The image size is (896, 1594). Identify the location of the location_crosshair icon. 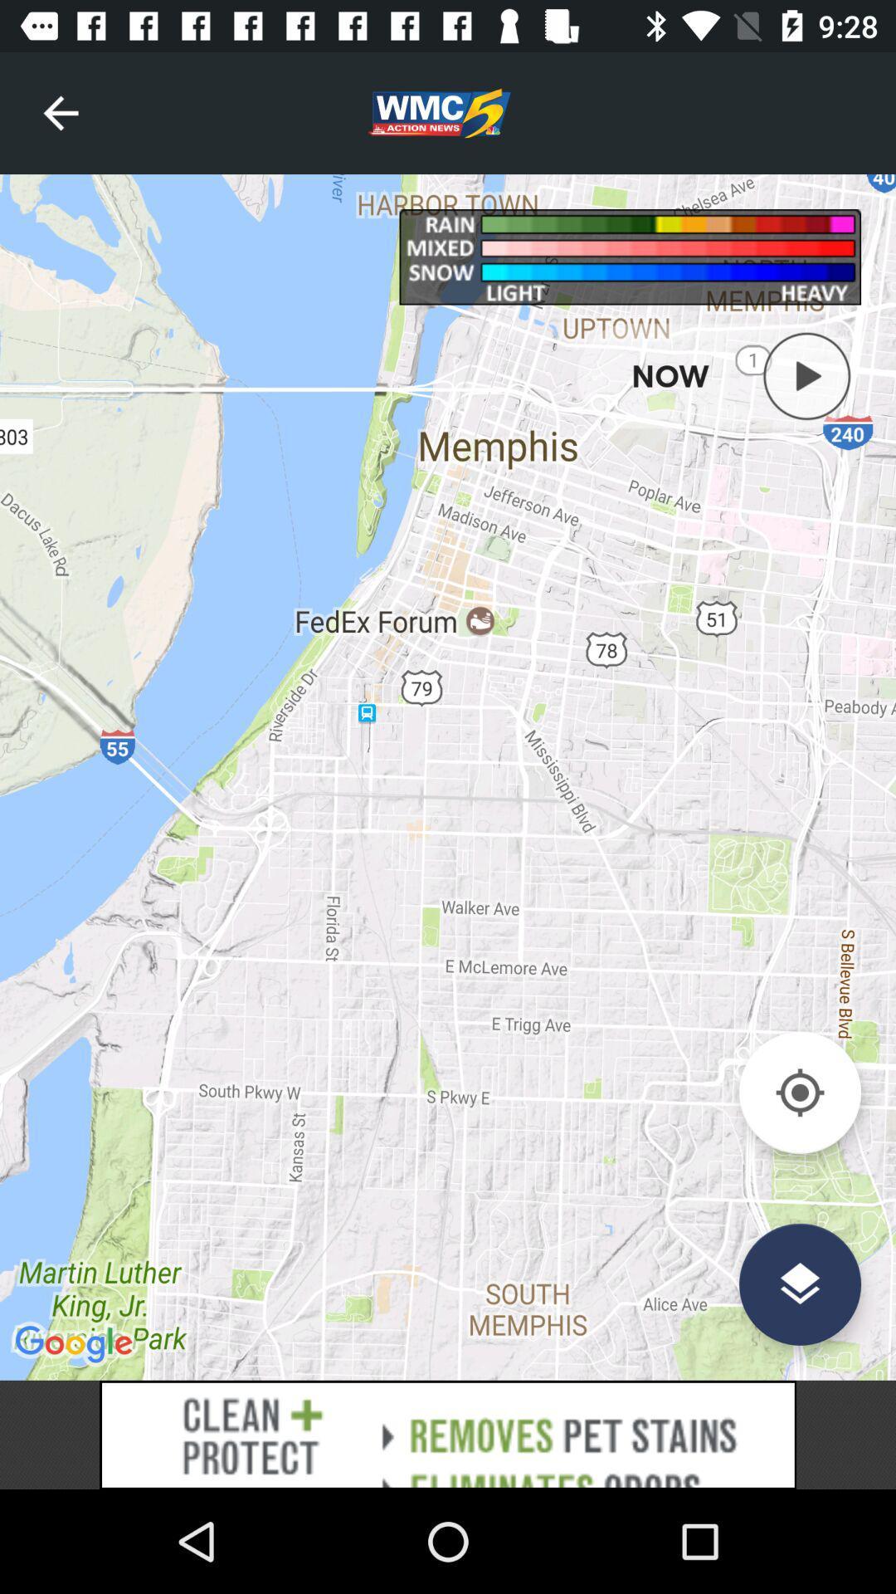
(799, 1093).